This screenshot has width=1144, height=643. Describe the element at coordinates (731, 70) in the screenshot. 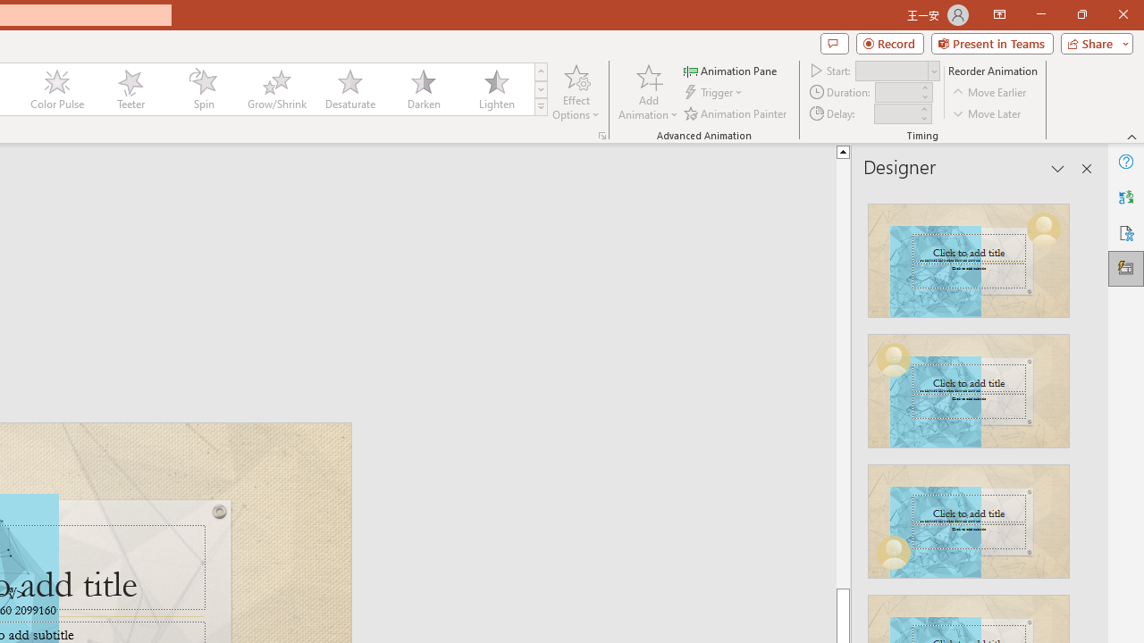

I see `'Animation Pane'` at that location.